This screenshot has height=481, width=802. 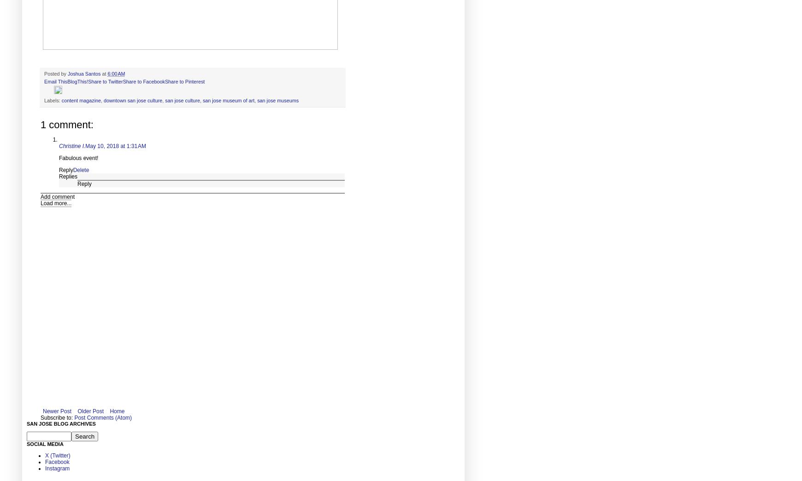 I want to click on 'X (Twitter)', so click(x=57, y=455).